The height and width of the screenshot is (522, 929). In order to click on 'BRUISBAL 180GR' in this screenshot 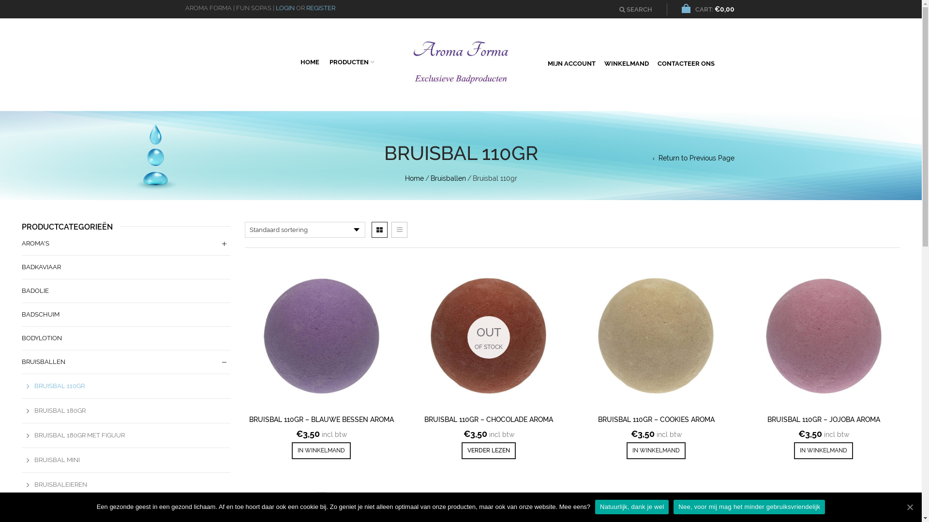, I will do `click(53, 410)`.